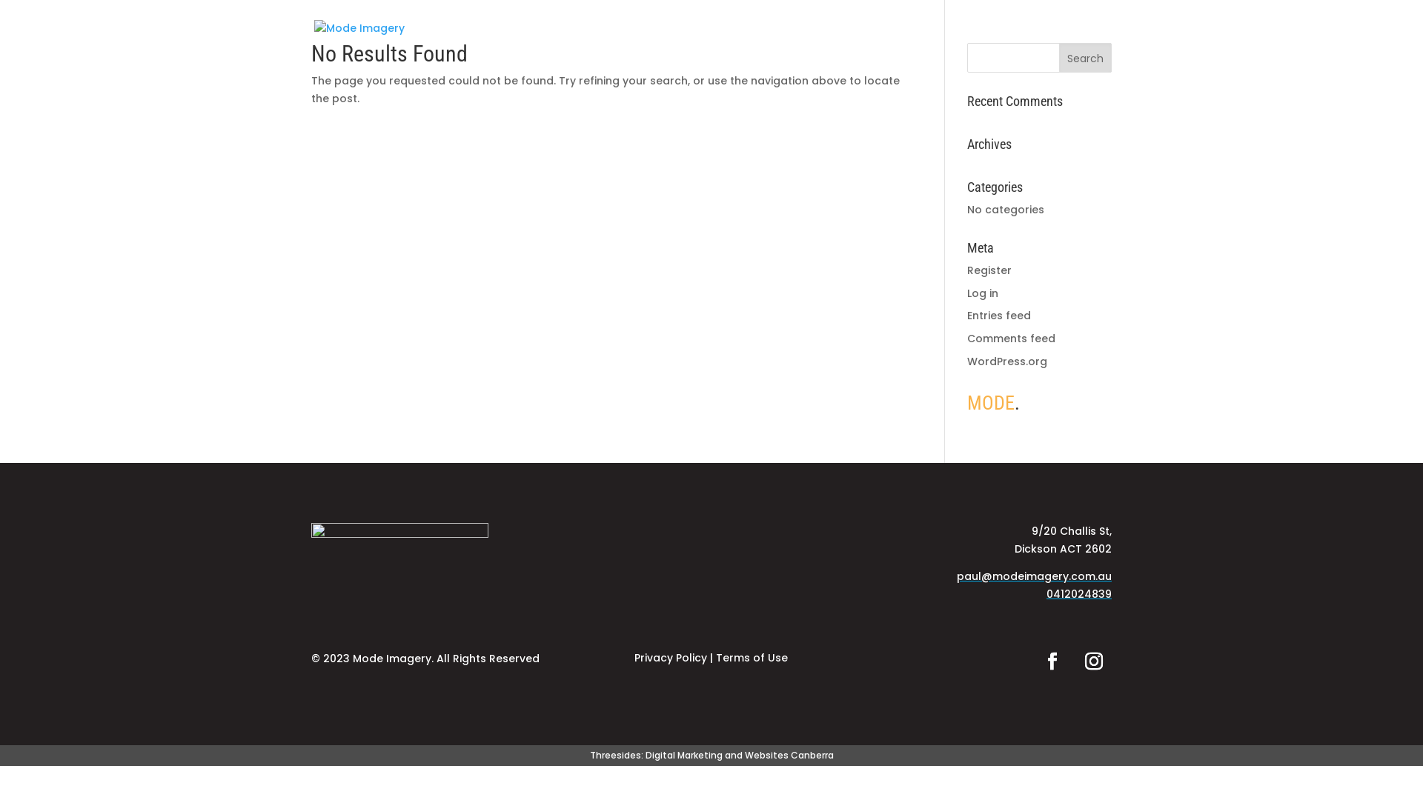 The image size is (1423, 800). Describe the element at coordinates (1052, 661) in the screenshot. I see `'Follow on Facebook'` at that location.